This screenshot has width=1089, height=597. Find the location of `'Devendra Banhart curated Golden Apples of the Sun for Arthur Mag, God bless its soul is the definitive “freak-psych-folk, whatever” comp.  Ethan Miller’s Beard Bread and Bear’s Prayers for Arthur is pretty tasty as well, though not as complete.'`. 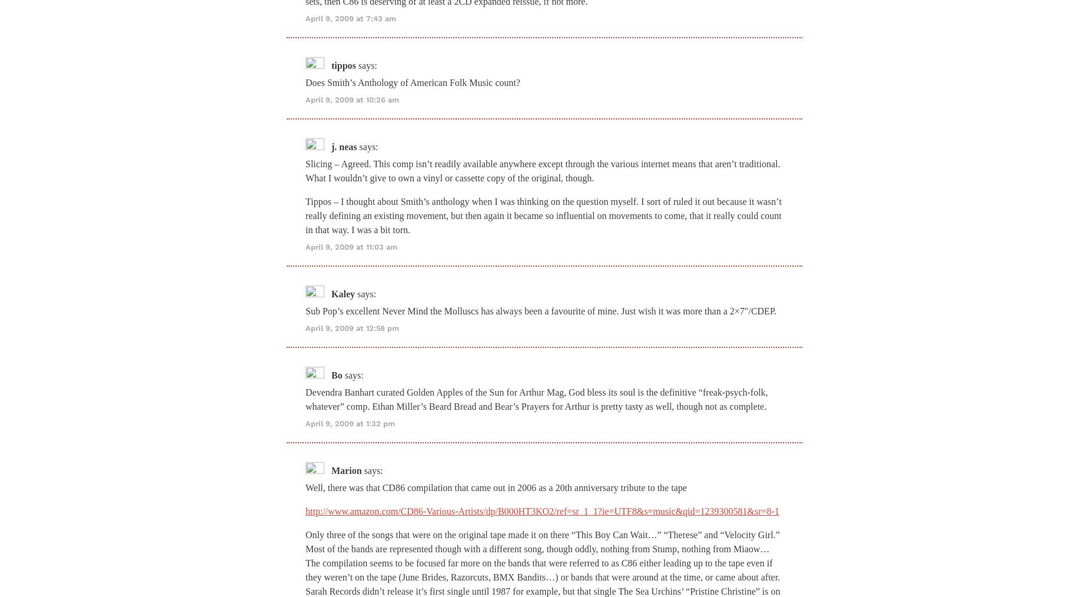

'Devendra Banhart curated Golden Apples of the Sun for Arthur Mag, God bless its soul is the definitive “freak-psych-folk, whatever” comp.  Ethan Miller’s Beard Bread and Bear’s Prayers for Arthur is pretty tasty as well, though not as complete.' is located at coordinates (305, 398).